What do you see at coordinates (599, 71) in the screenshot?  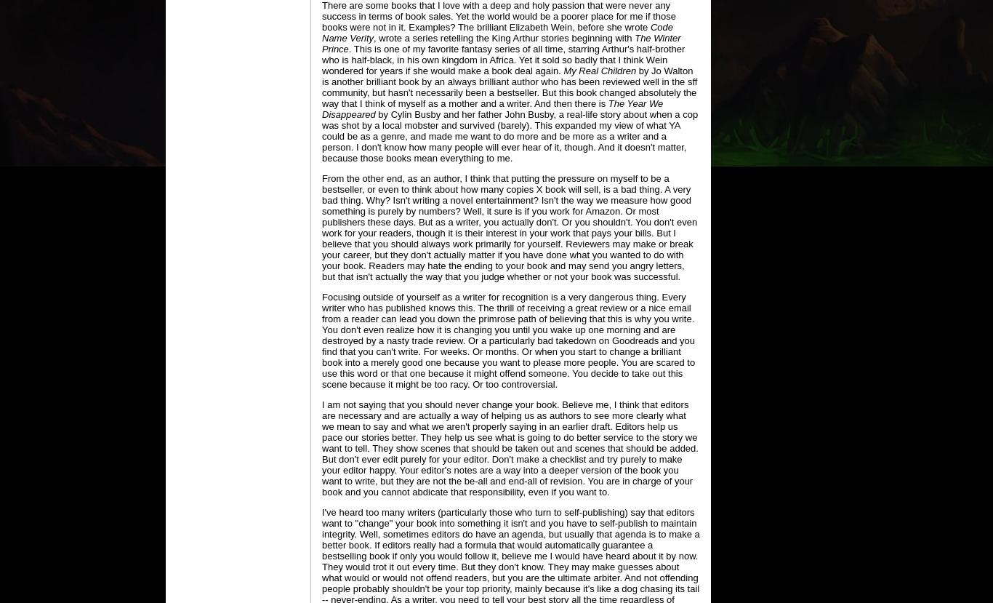 I see `'My Real Children'` at bounding box center [599, 71].